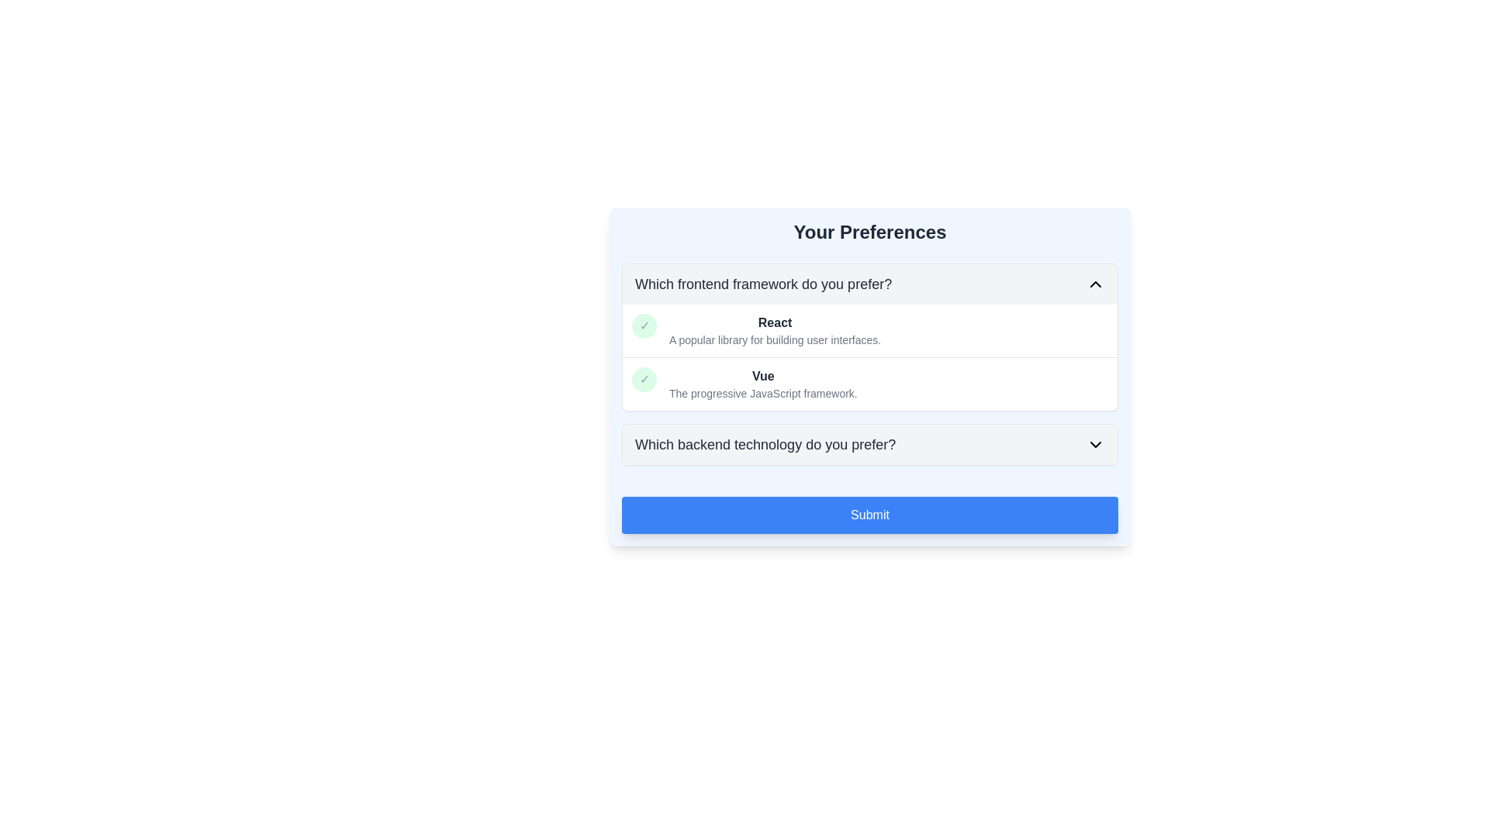 The image size is (1489, 837). What do you see at coordinates (644, 325) in the screenshot?
I see `the checkmark indicator within the circular green background, which represents the selection for the 'Vue' framework option in the question about preferred frontend frameworks` at bounding box center [644, 325].